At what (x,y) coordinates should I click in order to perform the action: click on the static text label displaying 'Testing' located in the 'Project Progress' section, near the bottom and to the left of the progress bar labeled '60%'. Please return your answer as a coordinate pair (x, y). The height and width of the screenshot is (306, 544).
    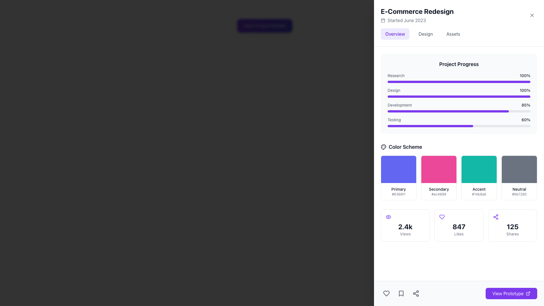
    Looking at the image, I should click on (394, 120).